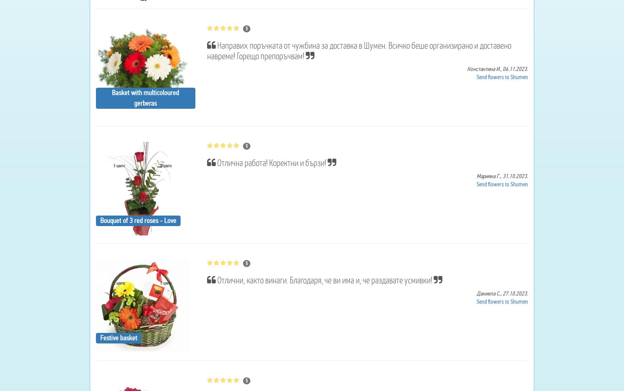 The width and height of the screenshot is (624, 391). I want to click on 'Отлична работа! Коректни и бързи!', so click(215, 163).